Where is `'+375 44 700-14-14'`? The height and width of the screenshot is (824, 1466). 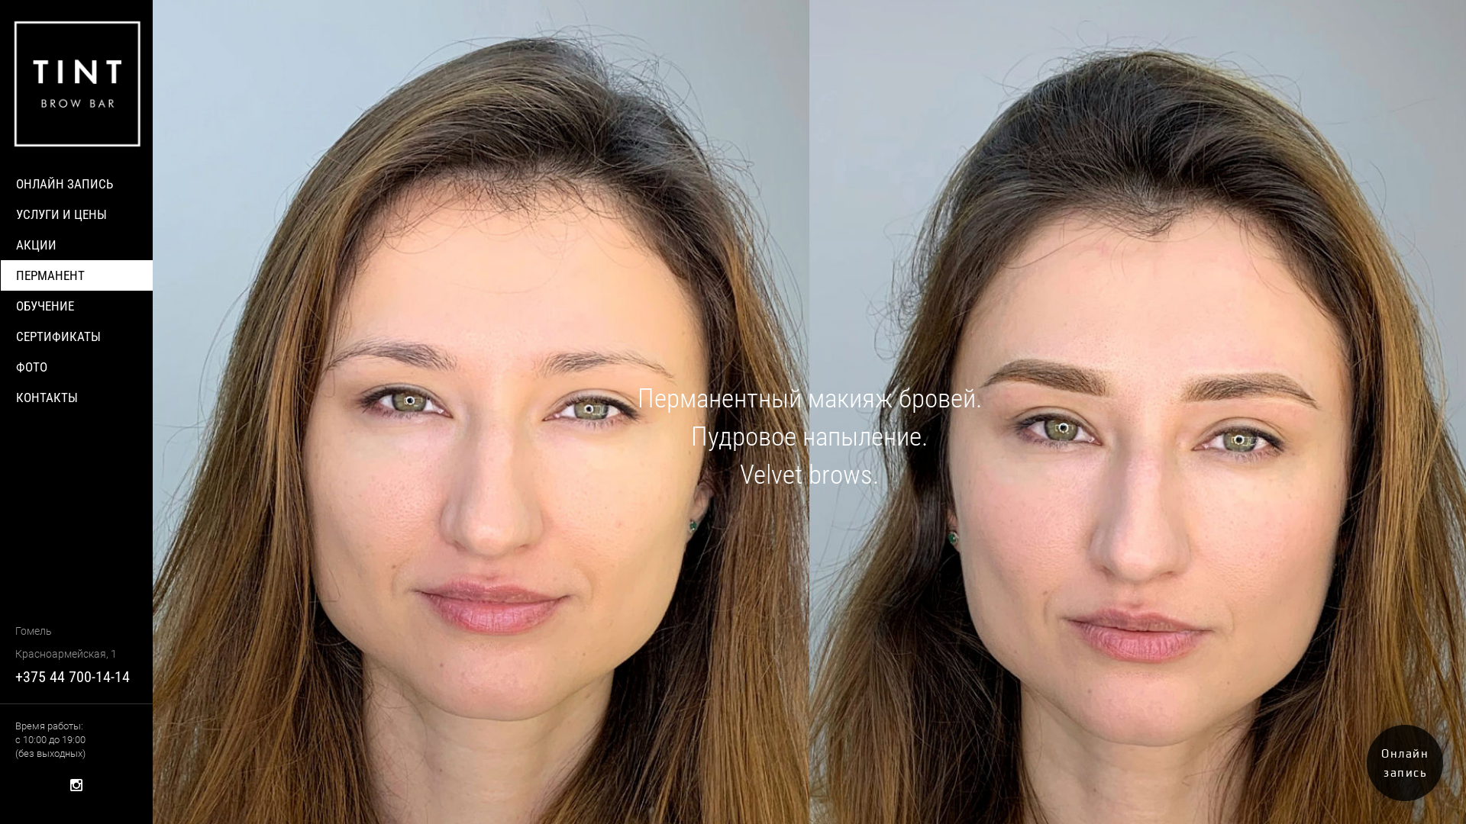 '+375 44 700-14-14' is located at coordinates (72, 676).